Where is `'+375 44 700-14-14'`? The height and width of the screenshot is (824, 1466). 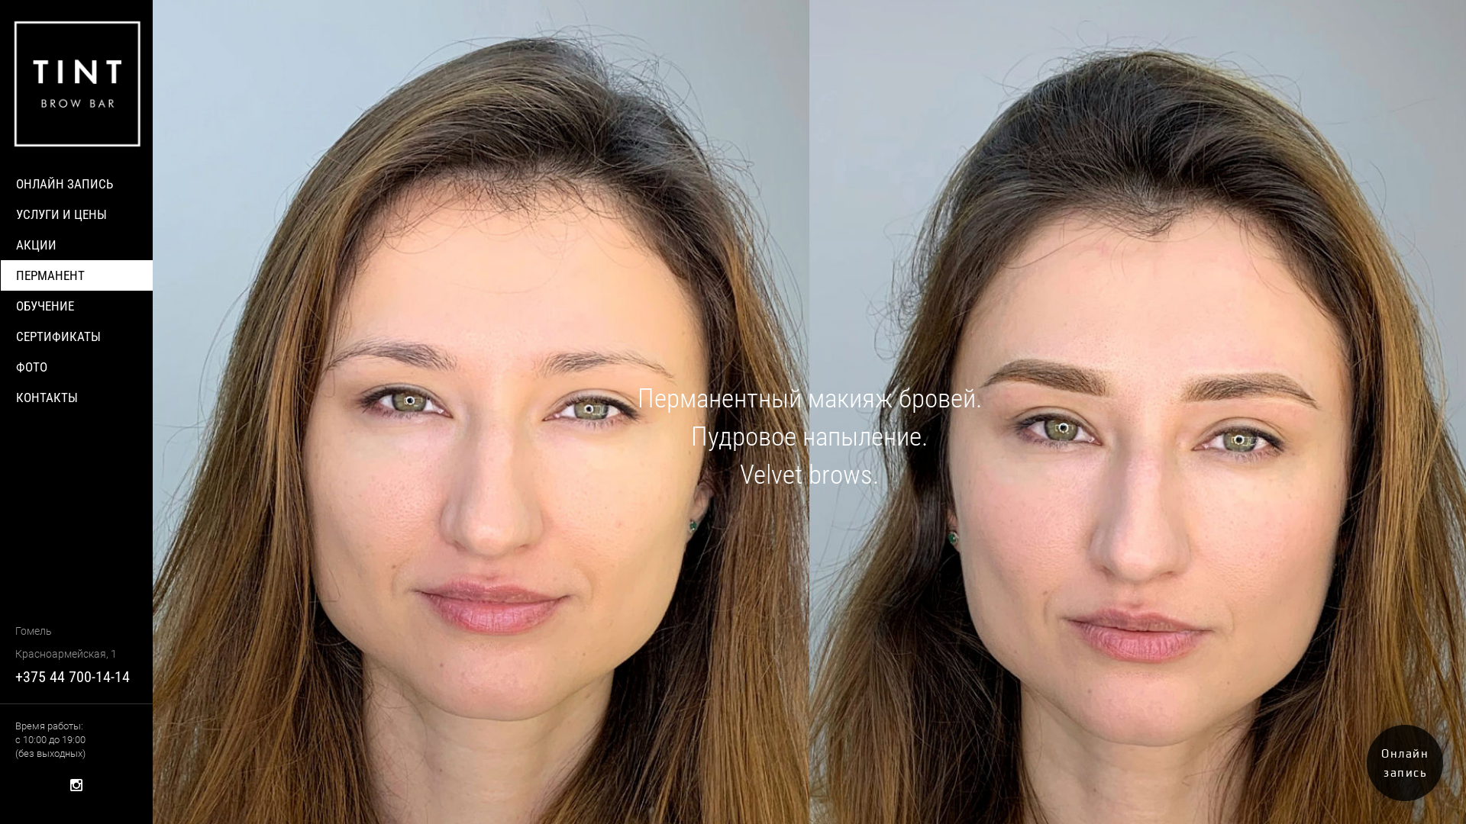 '+375 44 700-14-14' is located at coordinates (72, 676).